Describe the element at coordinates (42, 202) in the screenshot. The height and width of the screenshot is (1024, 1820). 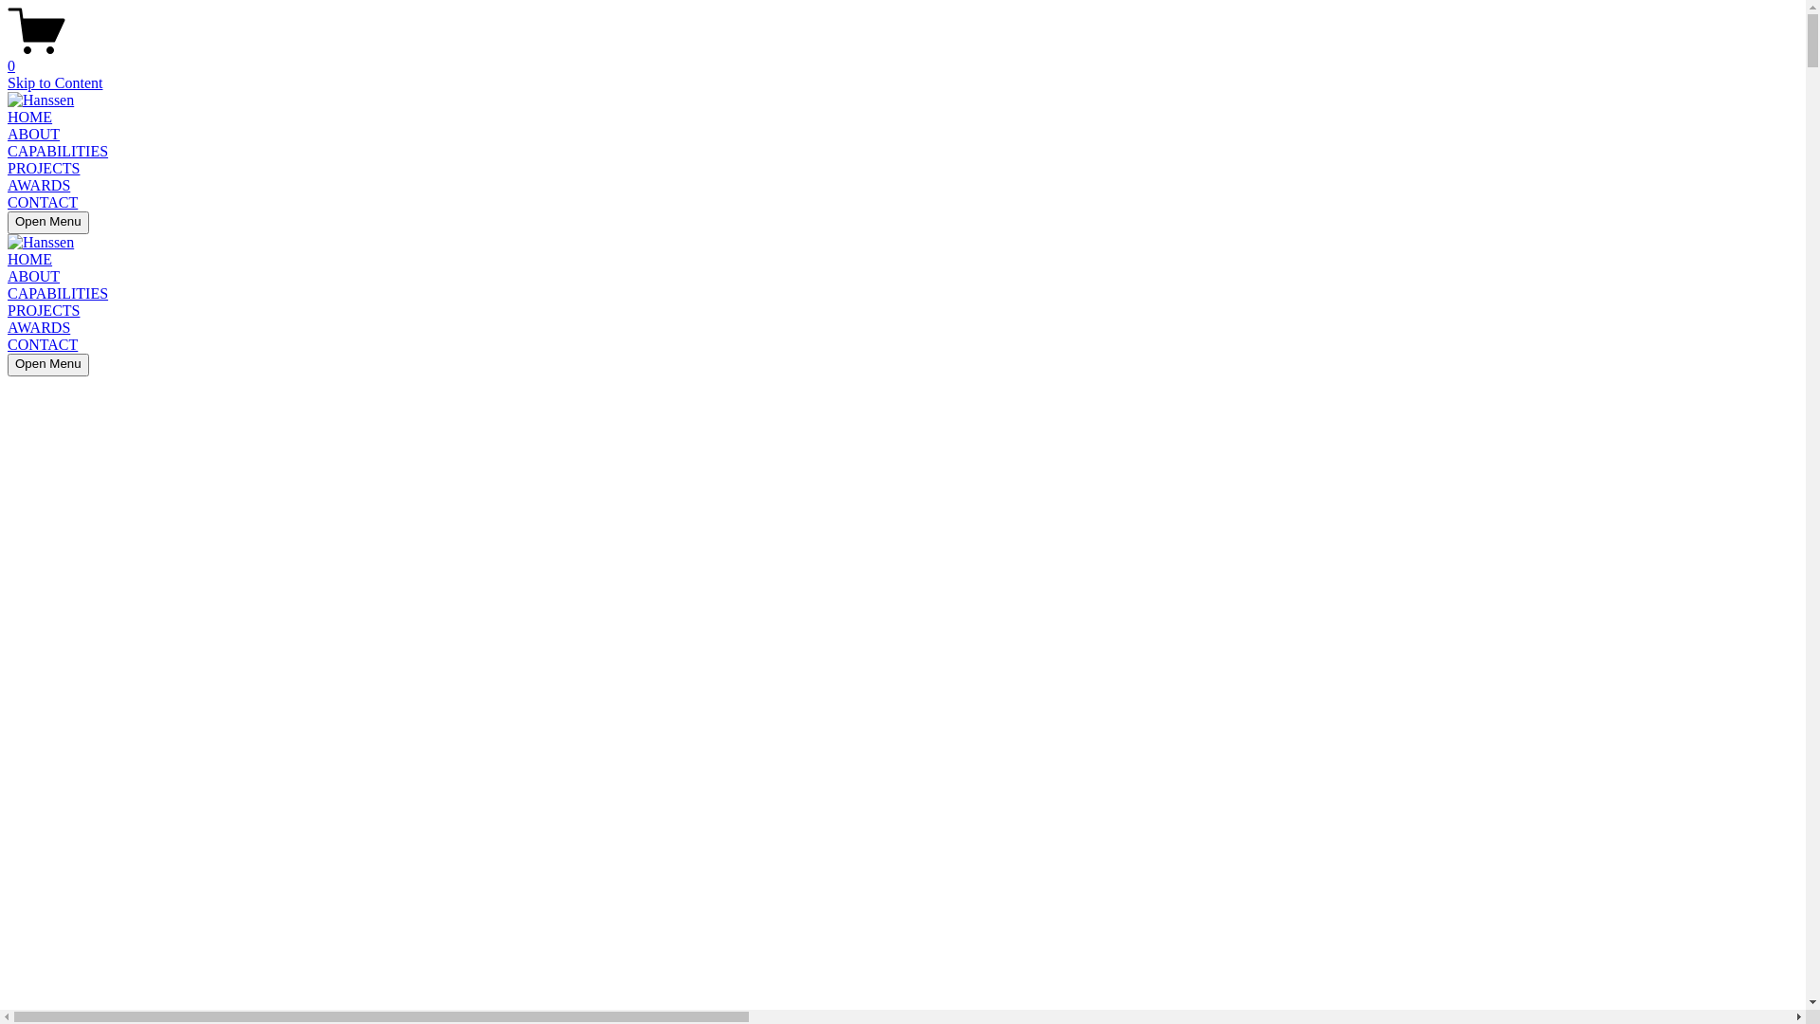
I see `'CONTACT'` at that location.